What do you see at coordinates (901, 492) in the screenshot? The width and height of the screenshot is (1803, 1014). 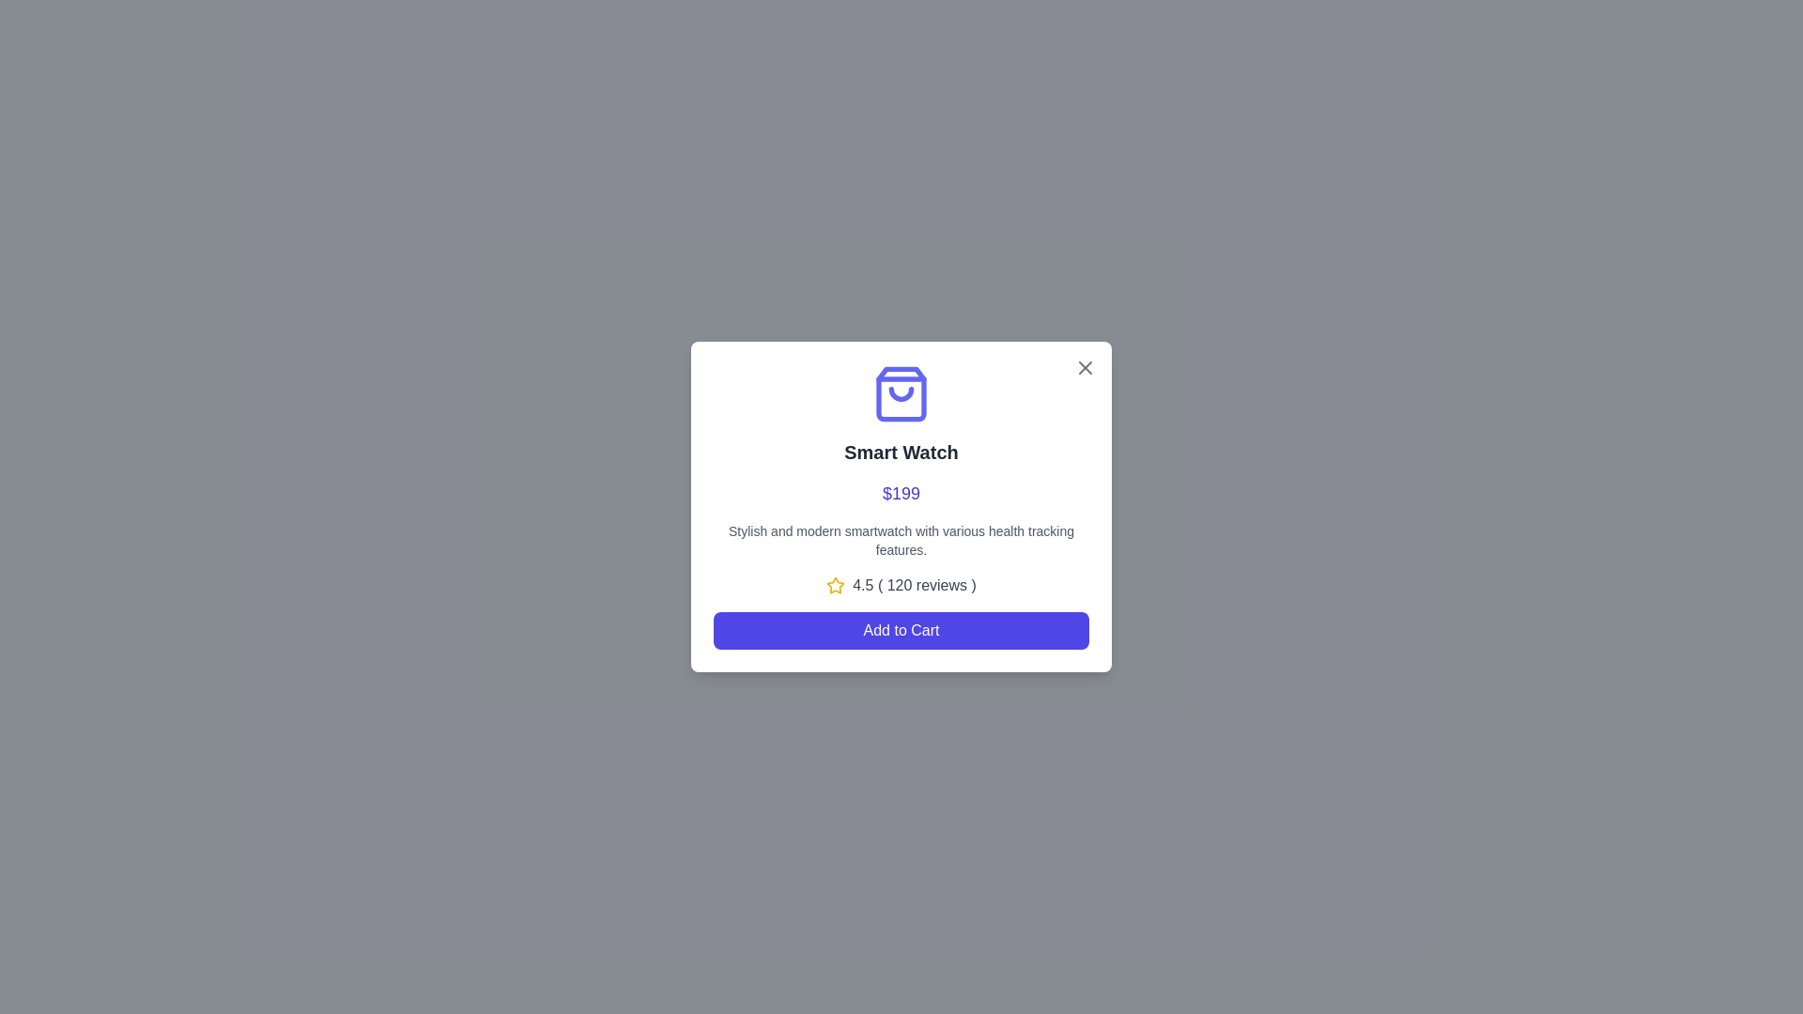 I see `the price display text label located within the card for the 'Smart Watch', which is centrally aligned and positioned below the title and above the description` at bounding box center [901, 492].